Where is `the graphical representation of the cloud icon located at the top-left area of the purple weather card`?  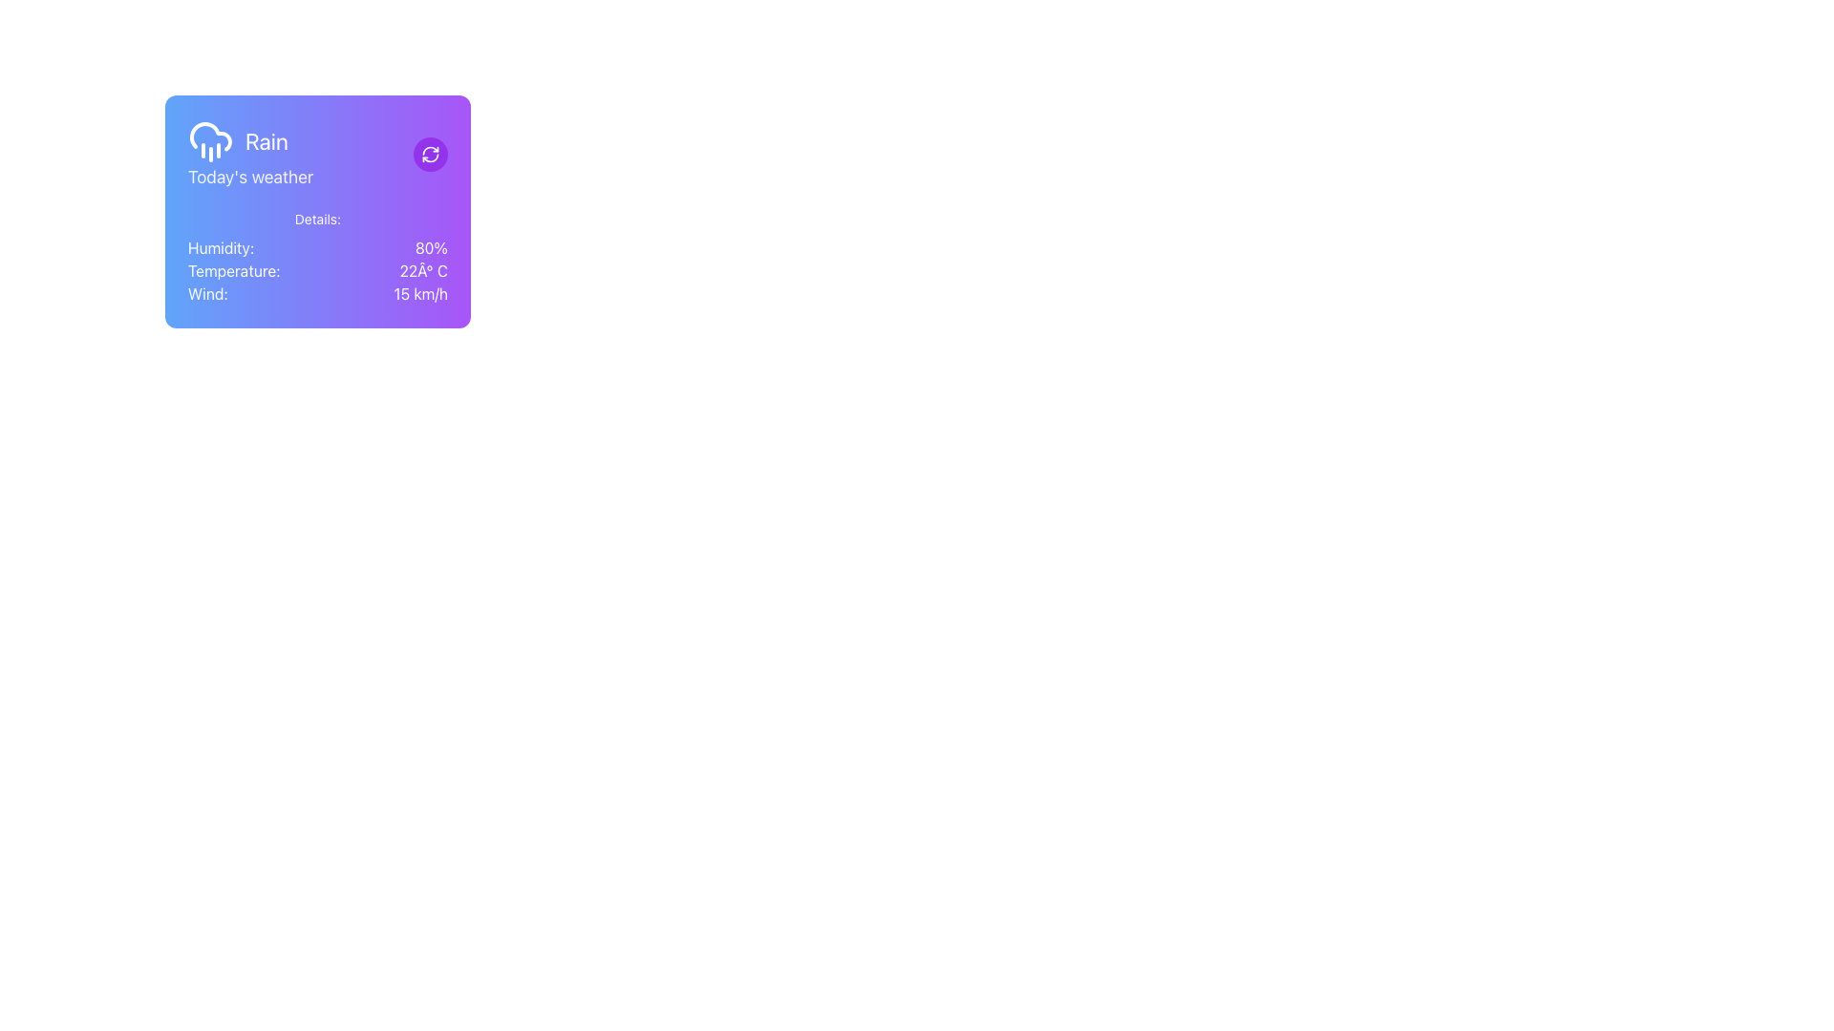 the graphical representation of the cloud icon located at the top-left area of the purple weather card is located at coordinates (210, 136).